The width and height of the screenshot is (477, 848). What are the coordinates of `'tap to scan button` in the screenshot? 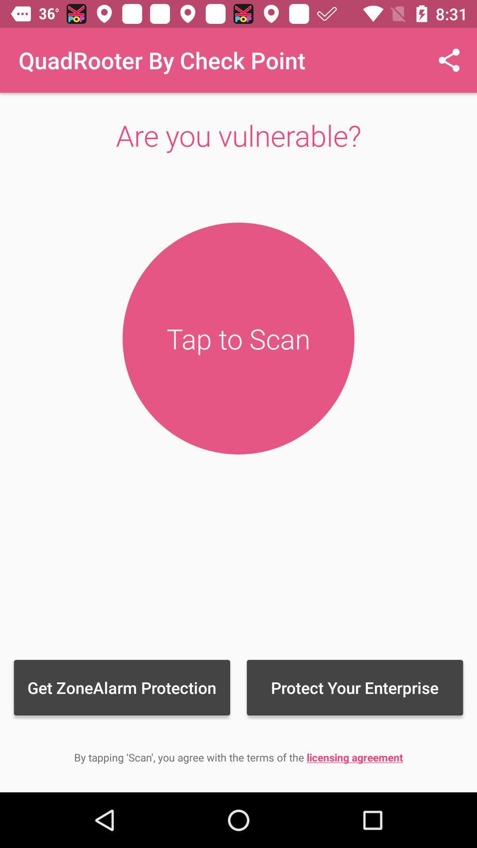 It's located at (238, 338).